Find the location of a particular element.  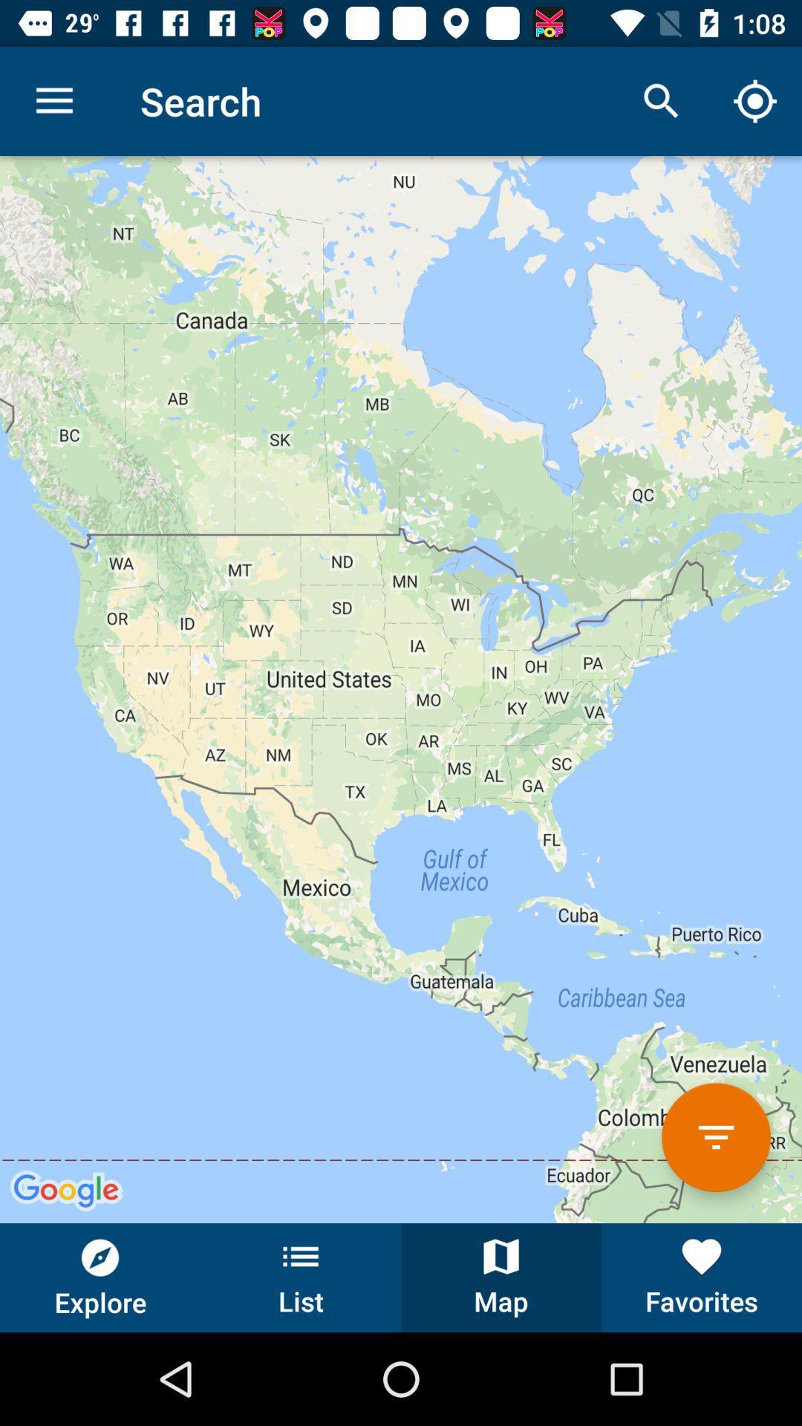

filter search results is located at coordinates (715, 1136).